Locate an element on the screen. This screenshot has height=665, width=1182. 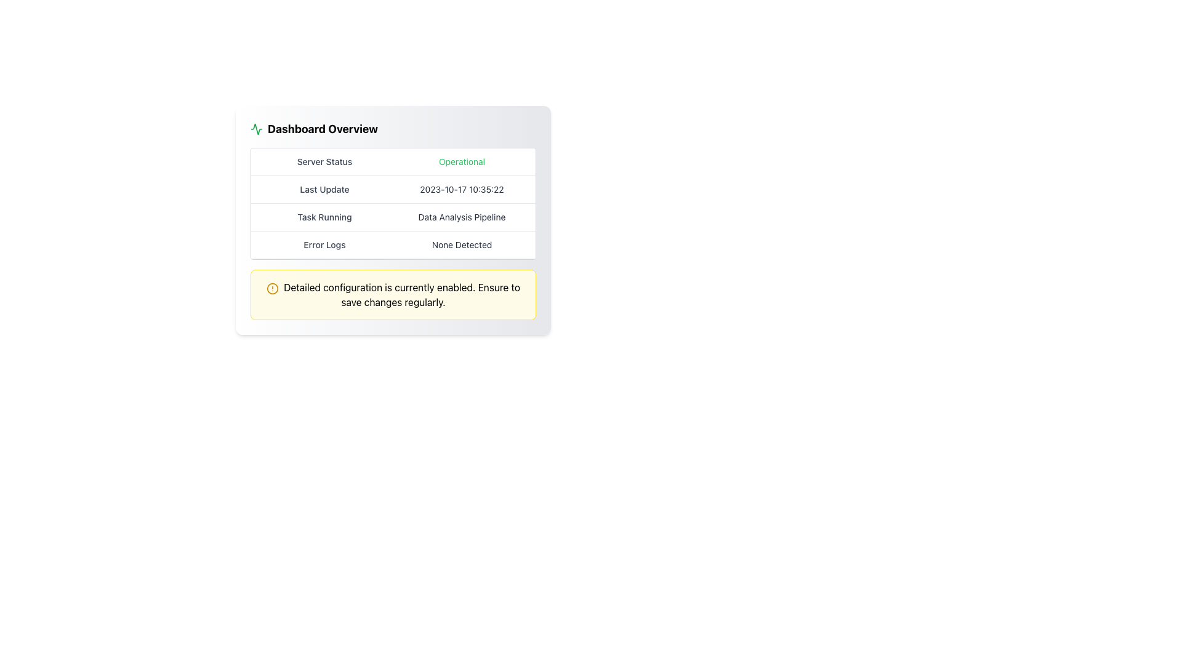
the Text Label in the left column of the 2x2 grid layout within the 'Dashboard Overview' section, which serves to identify the timestamp displayed to its right is located at coordinates (324, 190).